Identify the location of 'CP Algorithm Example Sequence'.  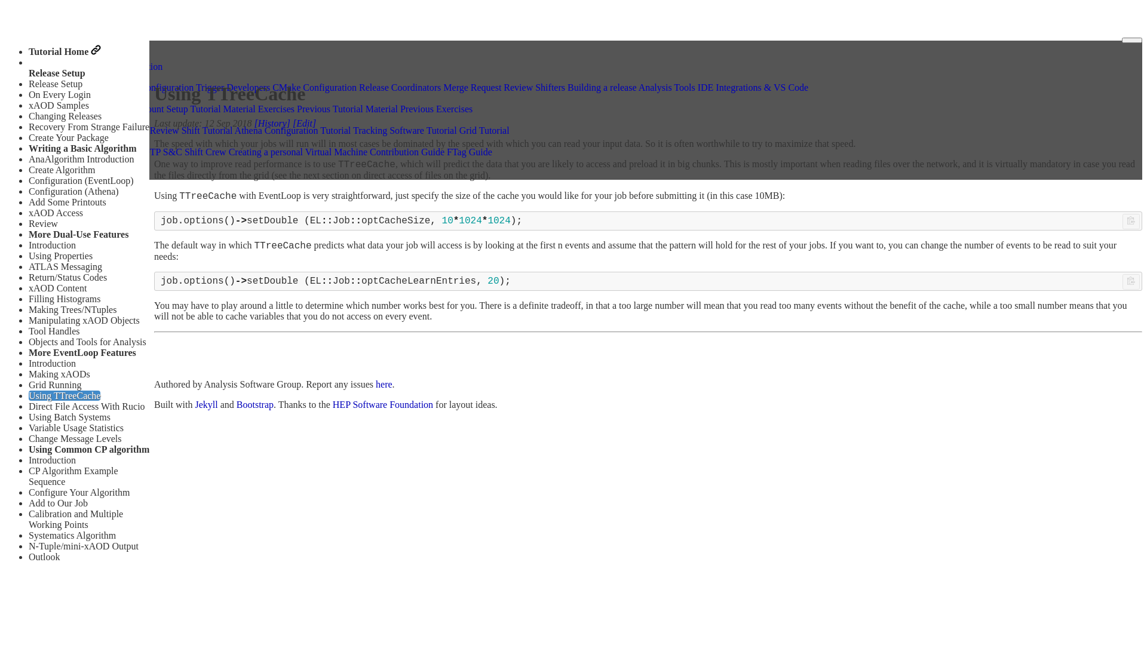
(73, 475).